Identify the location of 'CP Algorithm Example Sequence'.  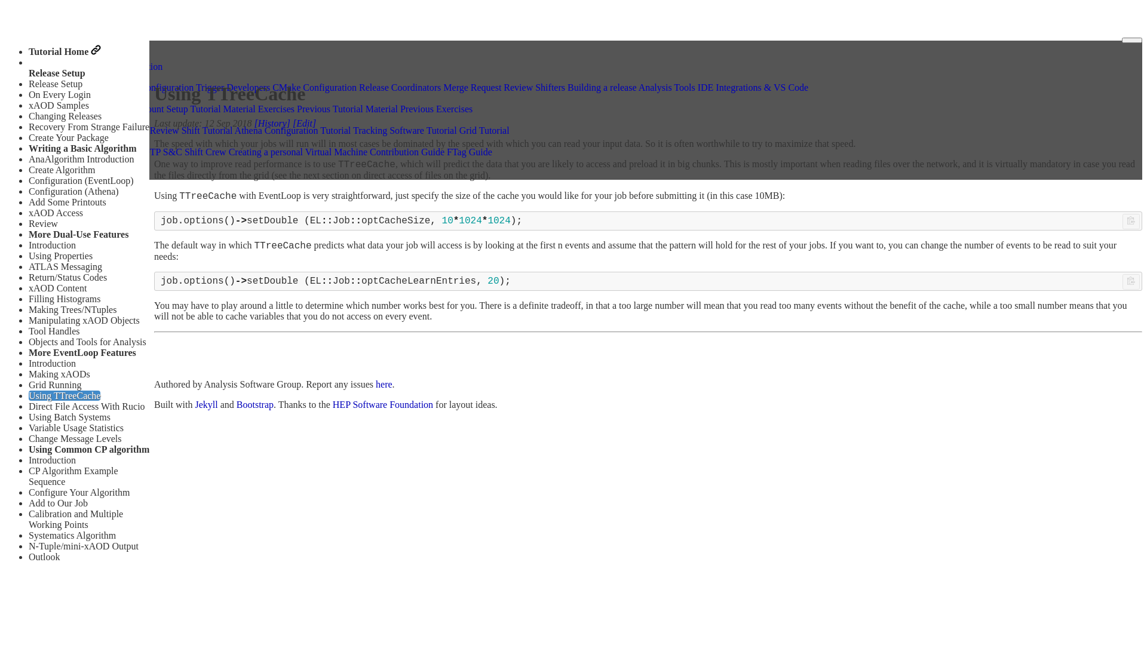
(73, 475).